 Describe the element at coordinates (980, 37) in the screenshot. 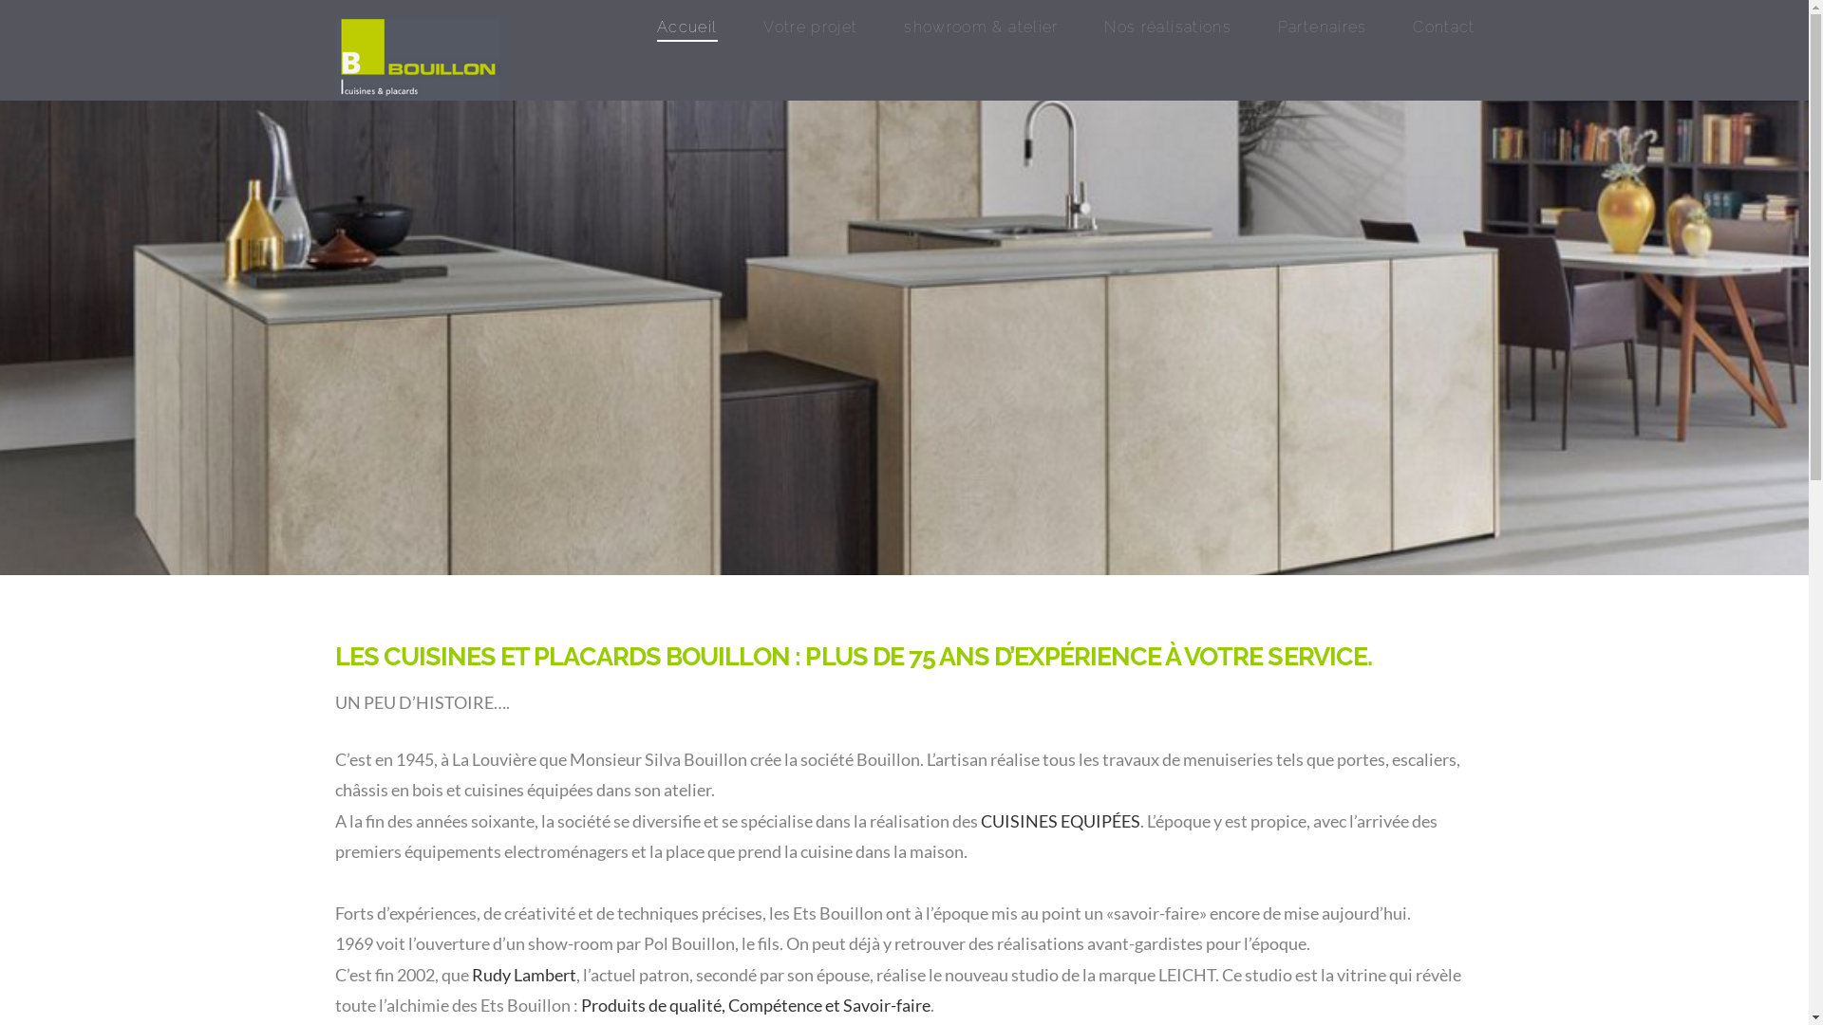

I see `'showroom & atelier'` at that location.